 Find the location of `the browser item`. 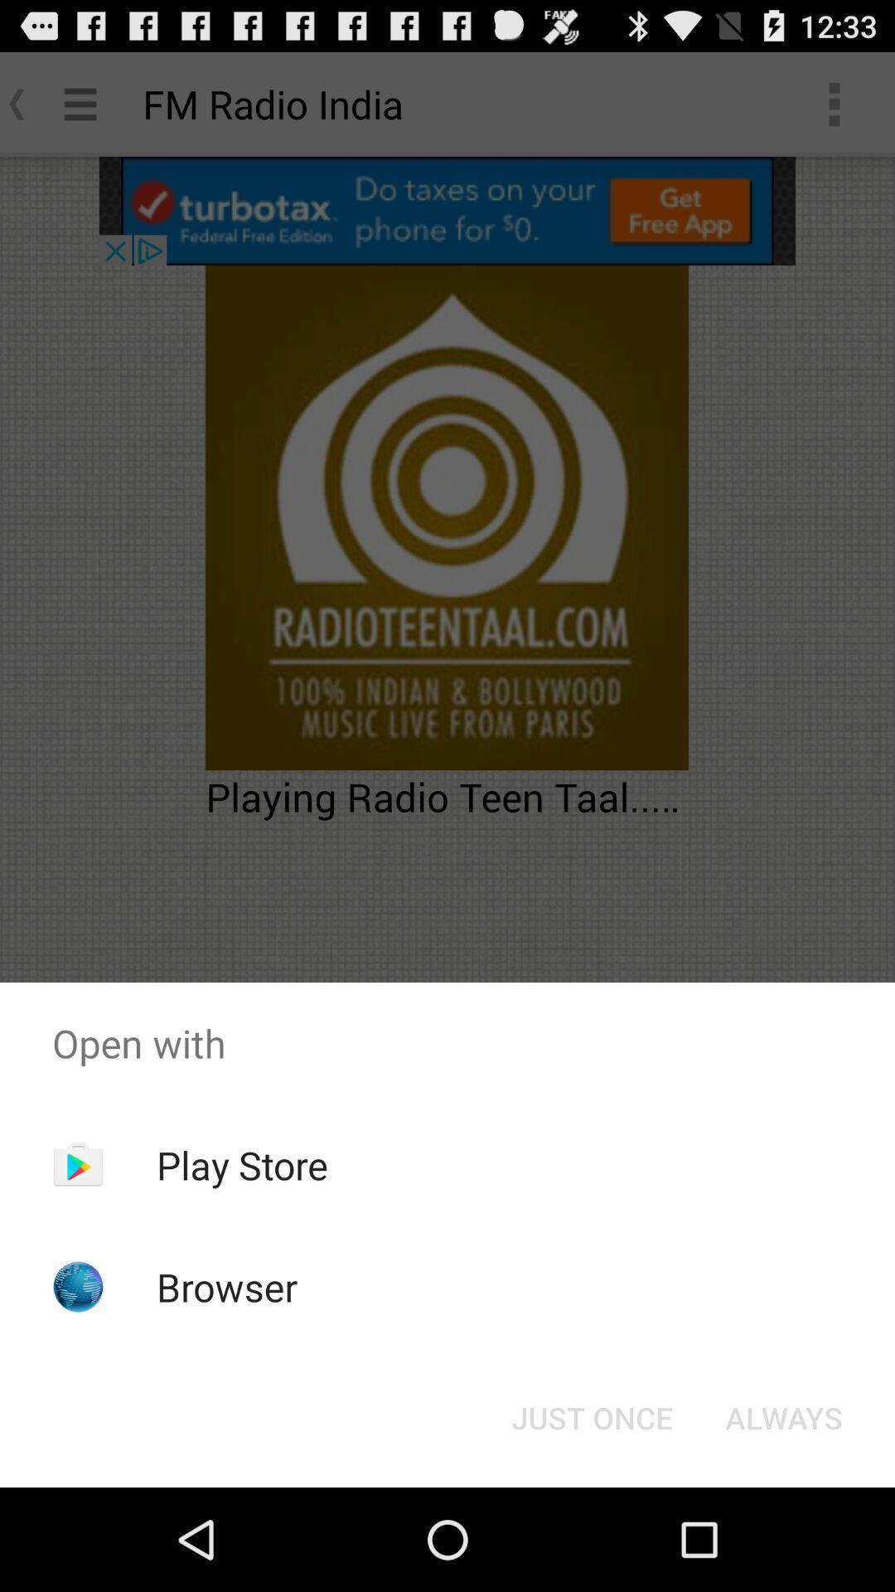

the browser item is located at coordinates (227, 1286).